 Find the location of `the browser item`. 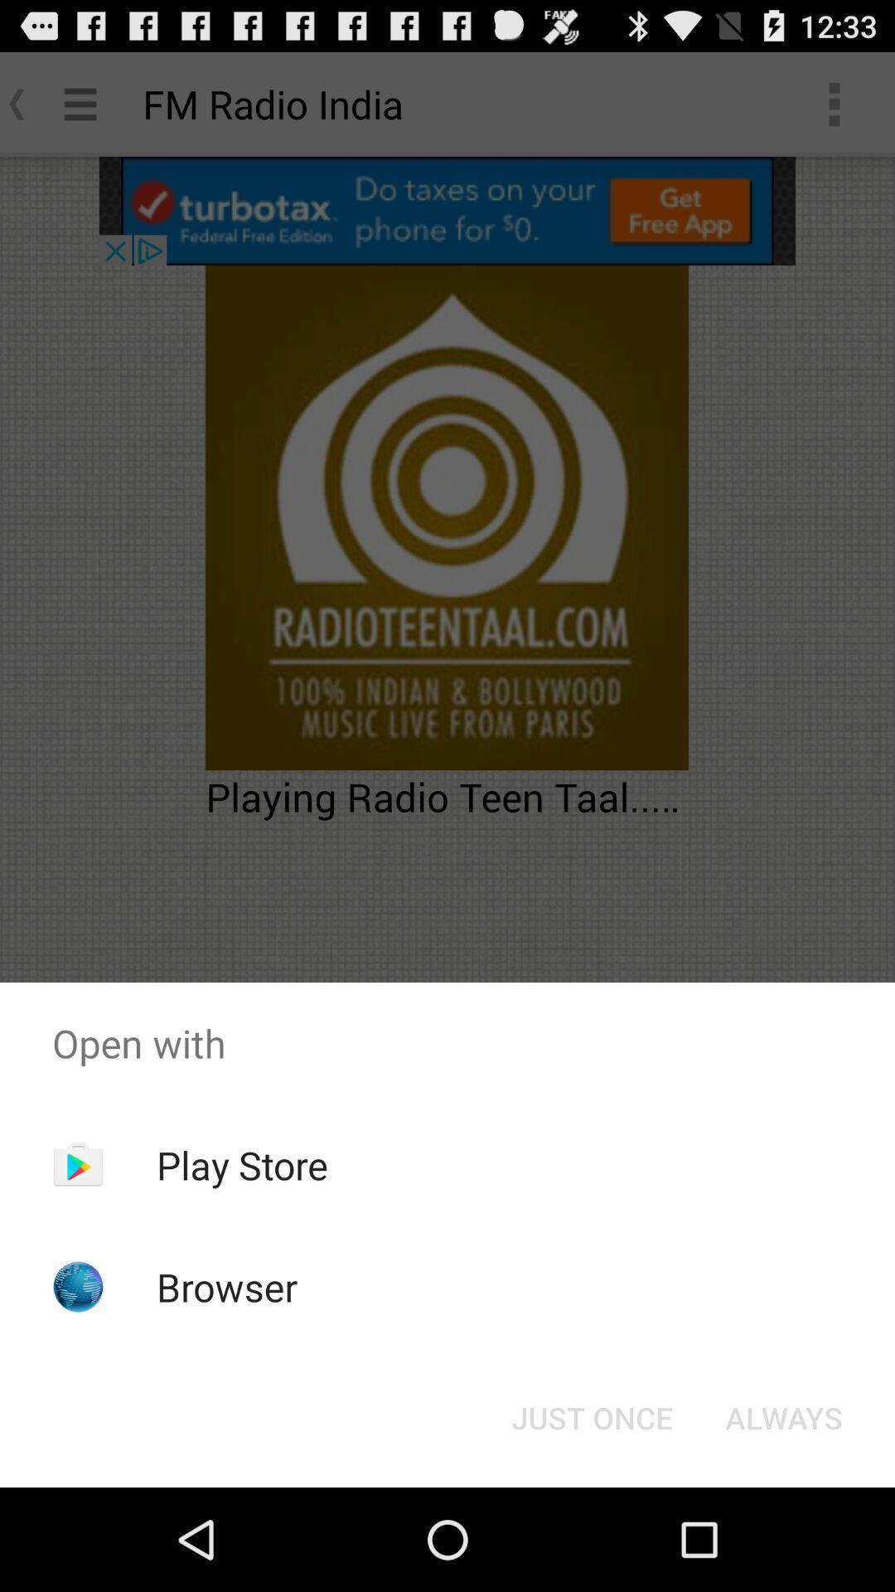

the browser item is located at coordinates (227, 1286).